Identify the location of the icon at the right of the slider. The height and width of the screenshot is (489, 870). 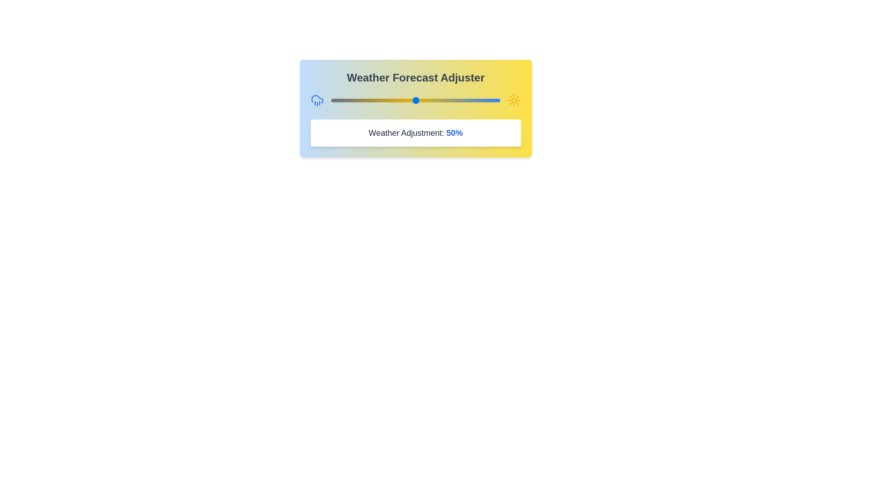
(514, 101).